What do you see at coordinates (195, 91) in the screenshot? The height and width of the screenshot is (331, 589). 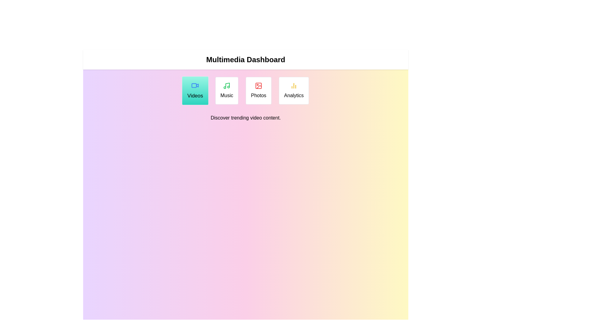 I see `the Videos tab` at bounding box center [195, 91].